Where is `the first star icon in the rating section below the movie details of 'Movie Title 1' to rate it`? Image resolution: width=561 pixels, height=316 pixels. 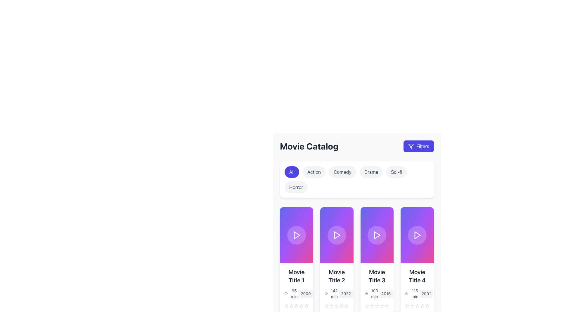 the first star icon in the rating section below the movie details of 'Movie Title 1' to rate it is located at coordinates (302, 305).